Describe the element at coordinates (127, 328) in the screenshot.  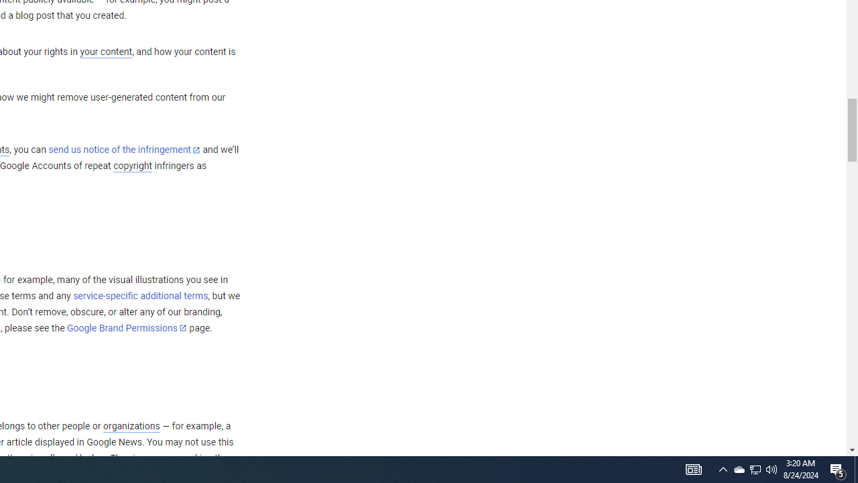
I see `'Google Brand Permissions'` at that location.